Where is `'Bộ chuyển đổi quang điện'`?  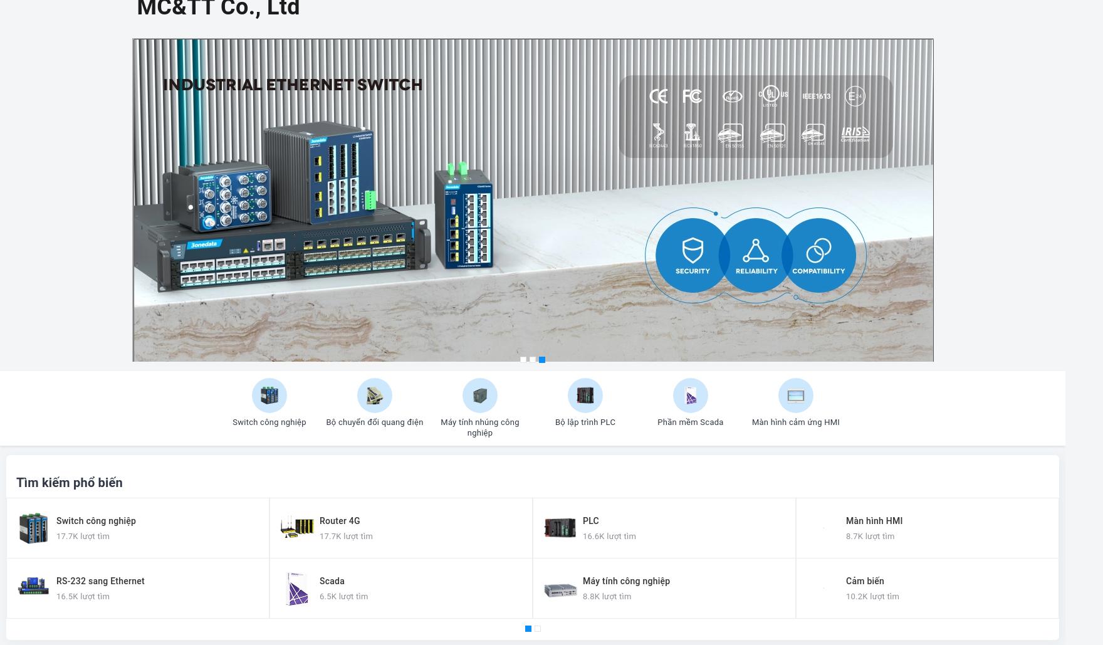
'Bộ chuyển đổi quang điện' is located at coordinates (326, 421).